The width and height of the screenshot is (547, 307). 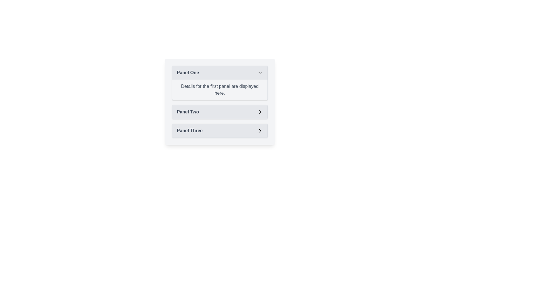 What do you see at coordinates (260, 72) in the screenshot?
I see `the chevron-down icon located at the far right side of the header box labeled 'Panel One'` at bounding box center [260, 72].